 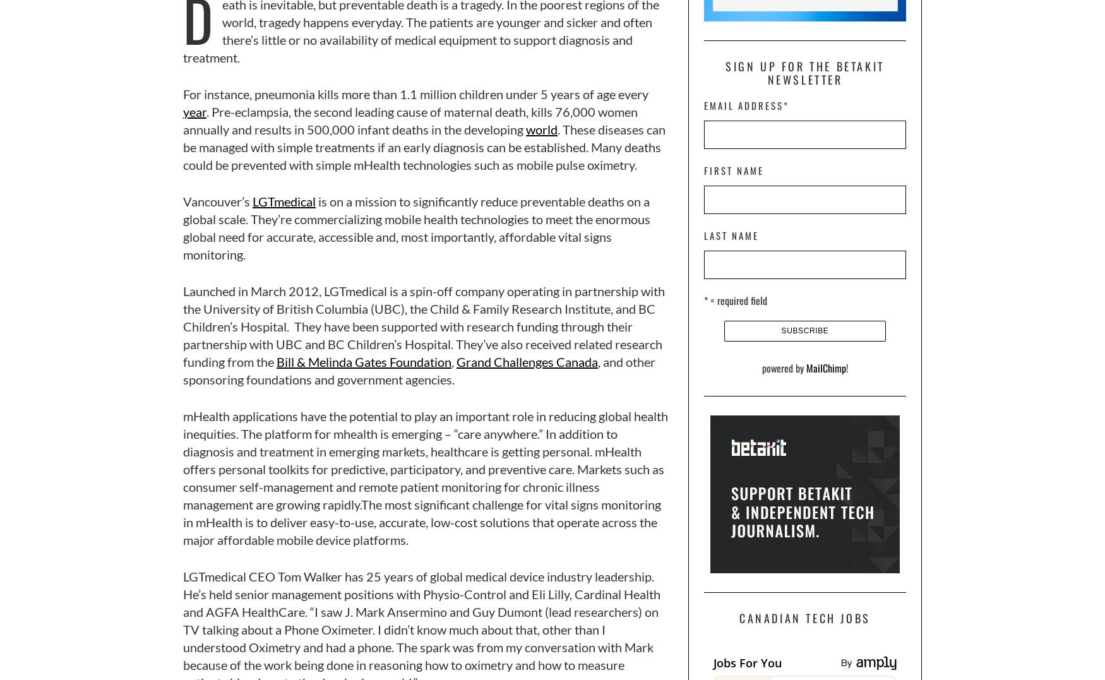 What do you see at coordinates (783, 104) in the screenshot?
I see `'*'` at bounding box center [783, 104].